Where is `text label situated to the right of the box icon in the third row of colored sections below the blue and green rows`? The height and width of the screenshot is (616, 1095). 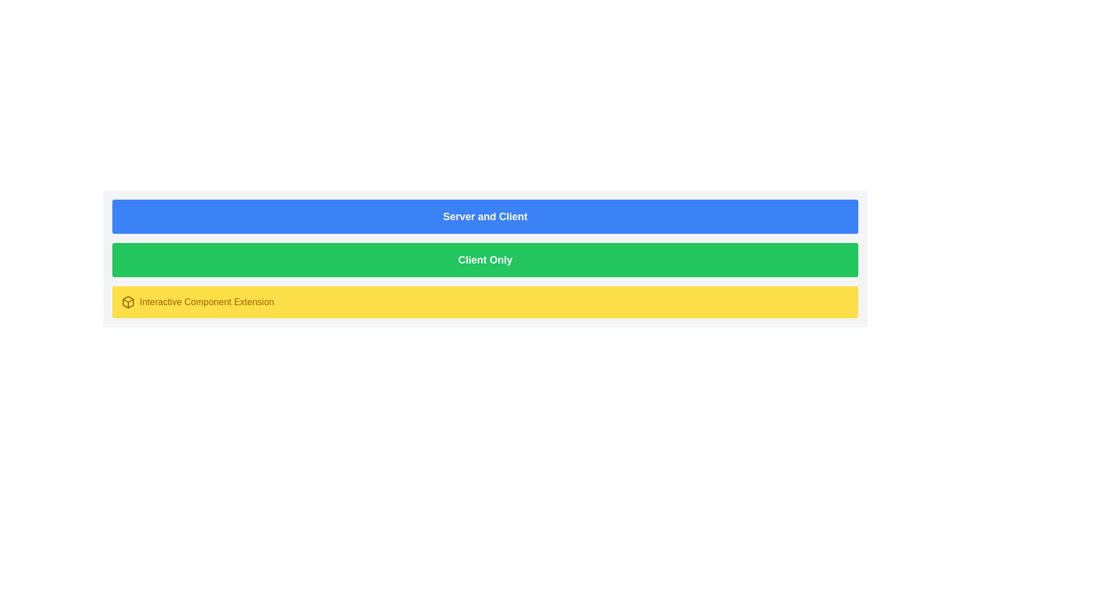
text label situated to the right of the box icon in the third row of colored sections below the blue and green rows is located at coordinates (206, 301).